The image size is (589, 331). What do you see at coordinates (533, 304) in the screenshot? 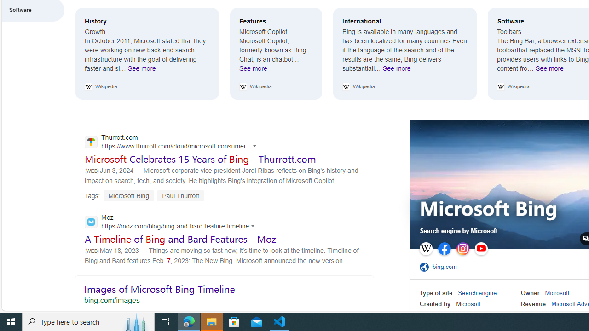
I see `'Revenue'` at bounding box center [533, 304].